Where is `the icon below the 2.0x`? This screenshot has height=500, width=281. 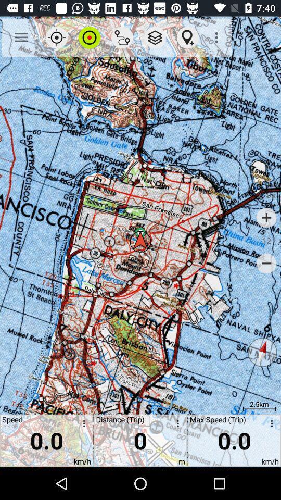
the icon below the 2.0x is located at coordinates (266, 217).